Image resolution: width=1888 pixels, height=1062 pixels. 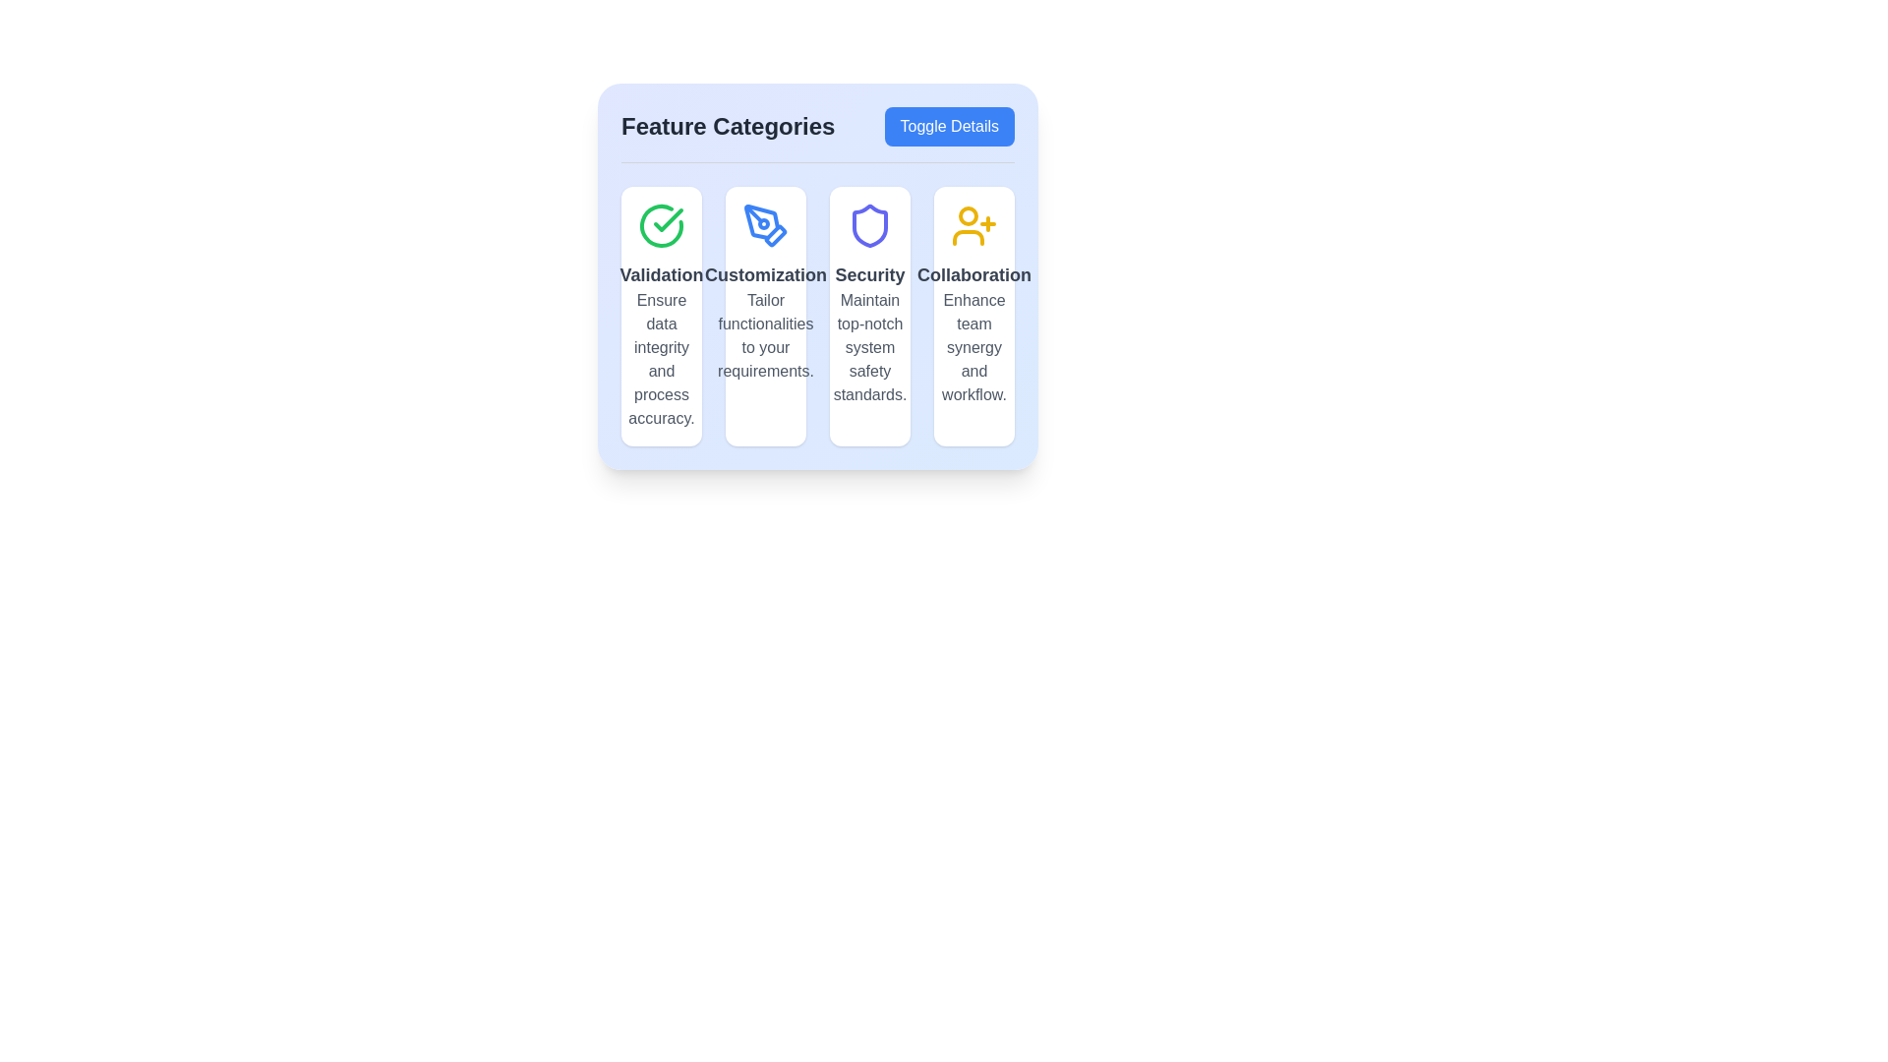 I want to click on the 'Customization' icon located in the top-center area of the second feature card, so click(x=764, y=225).